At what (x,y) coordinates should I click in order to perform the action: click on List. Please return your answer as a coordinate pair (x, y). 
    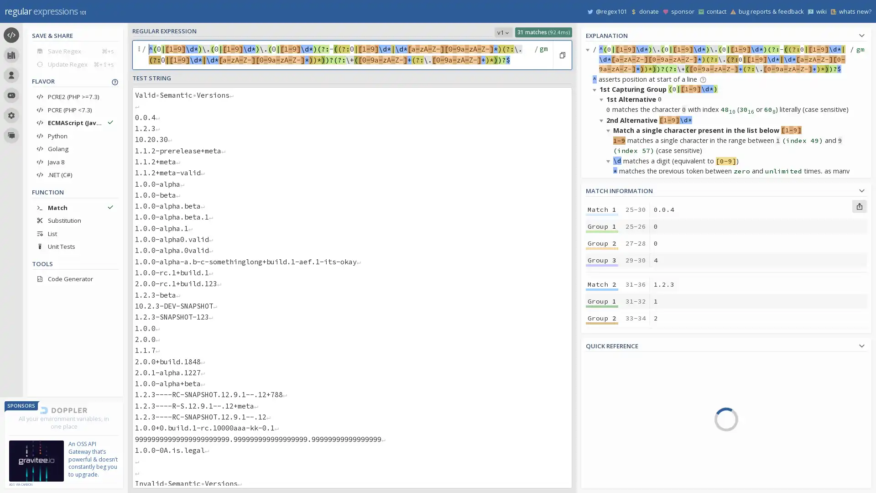
    Looking at the image, I should click on (75, 233).